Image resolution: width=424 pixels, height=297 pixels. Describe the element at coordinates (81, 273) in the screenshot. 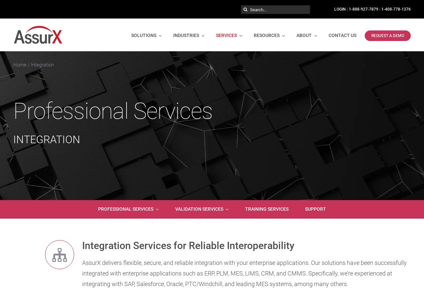

I see `'AssurX delivers flexible, secure, and reliable integration with your enterprise applications. Our solutions have been successfully integrated with enterprise applications such as ERP, PLM, MES, LIMS, CRM, and CMMS. Specifically, we’re experienced at integrating with SAP, Salesforce, Oracle, PTC/Windchill, and leading MES systems, among many others.'` at that location.